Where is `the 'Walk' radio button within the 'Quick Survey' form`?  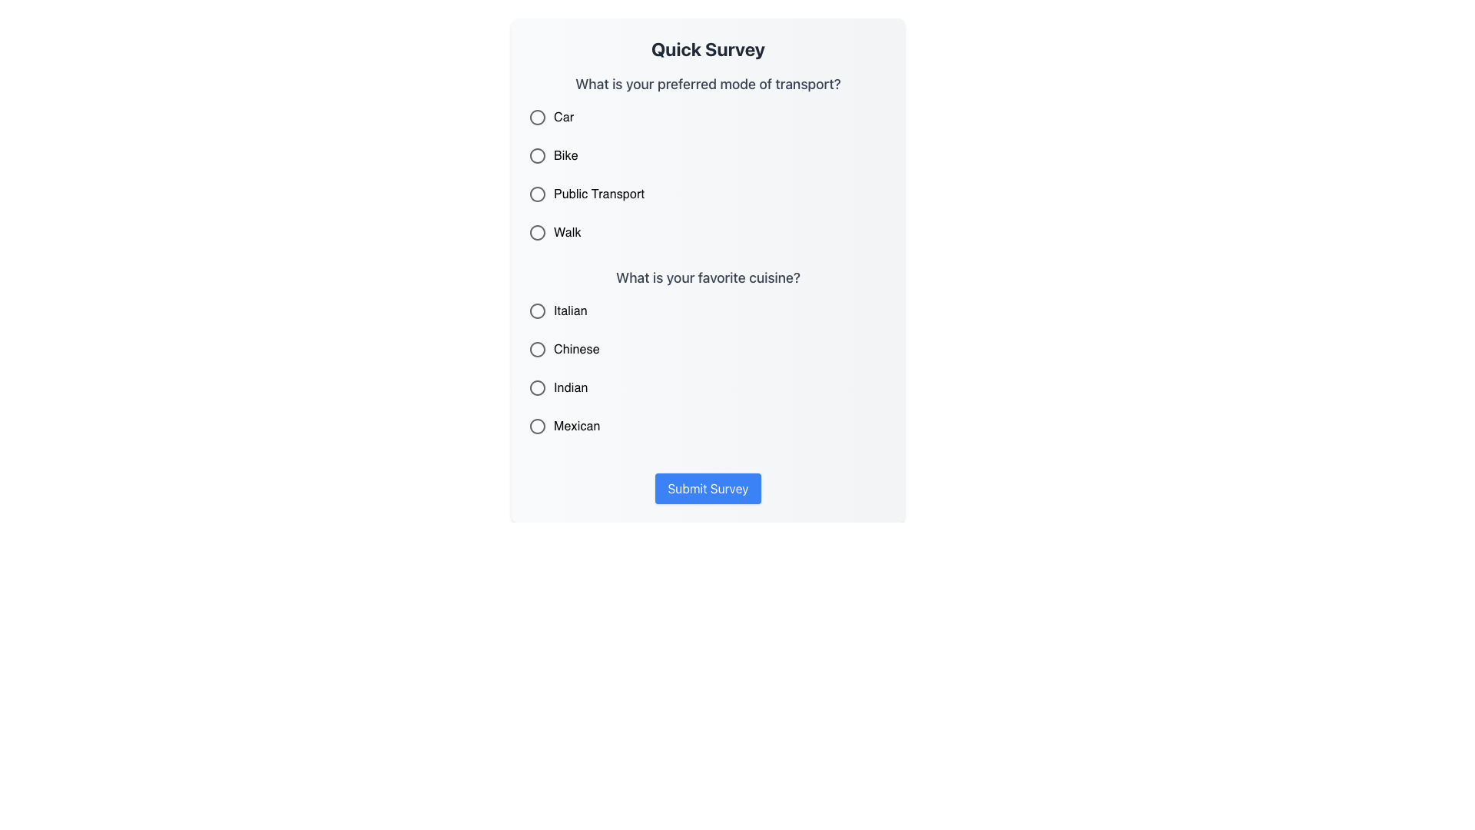 the 'Walk' radio button within the 'Quick Survey' form is located at coordinates (538, 233).